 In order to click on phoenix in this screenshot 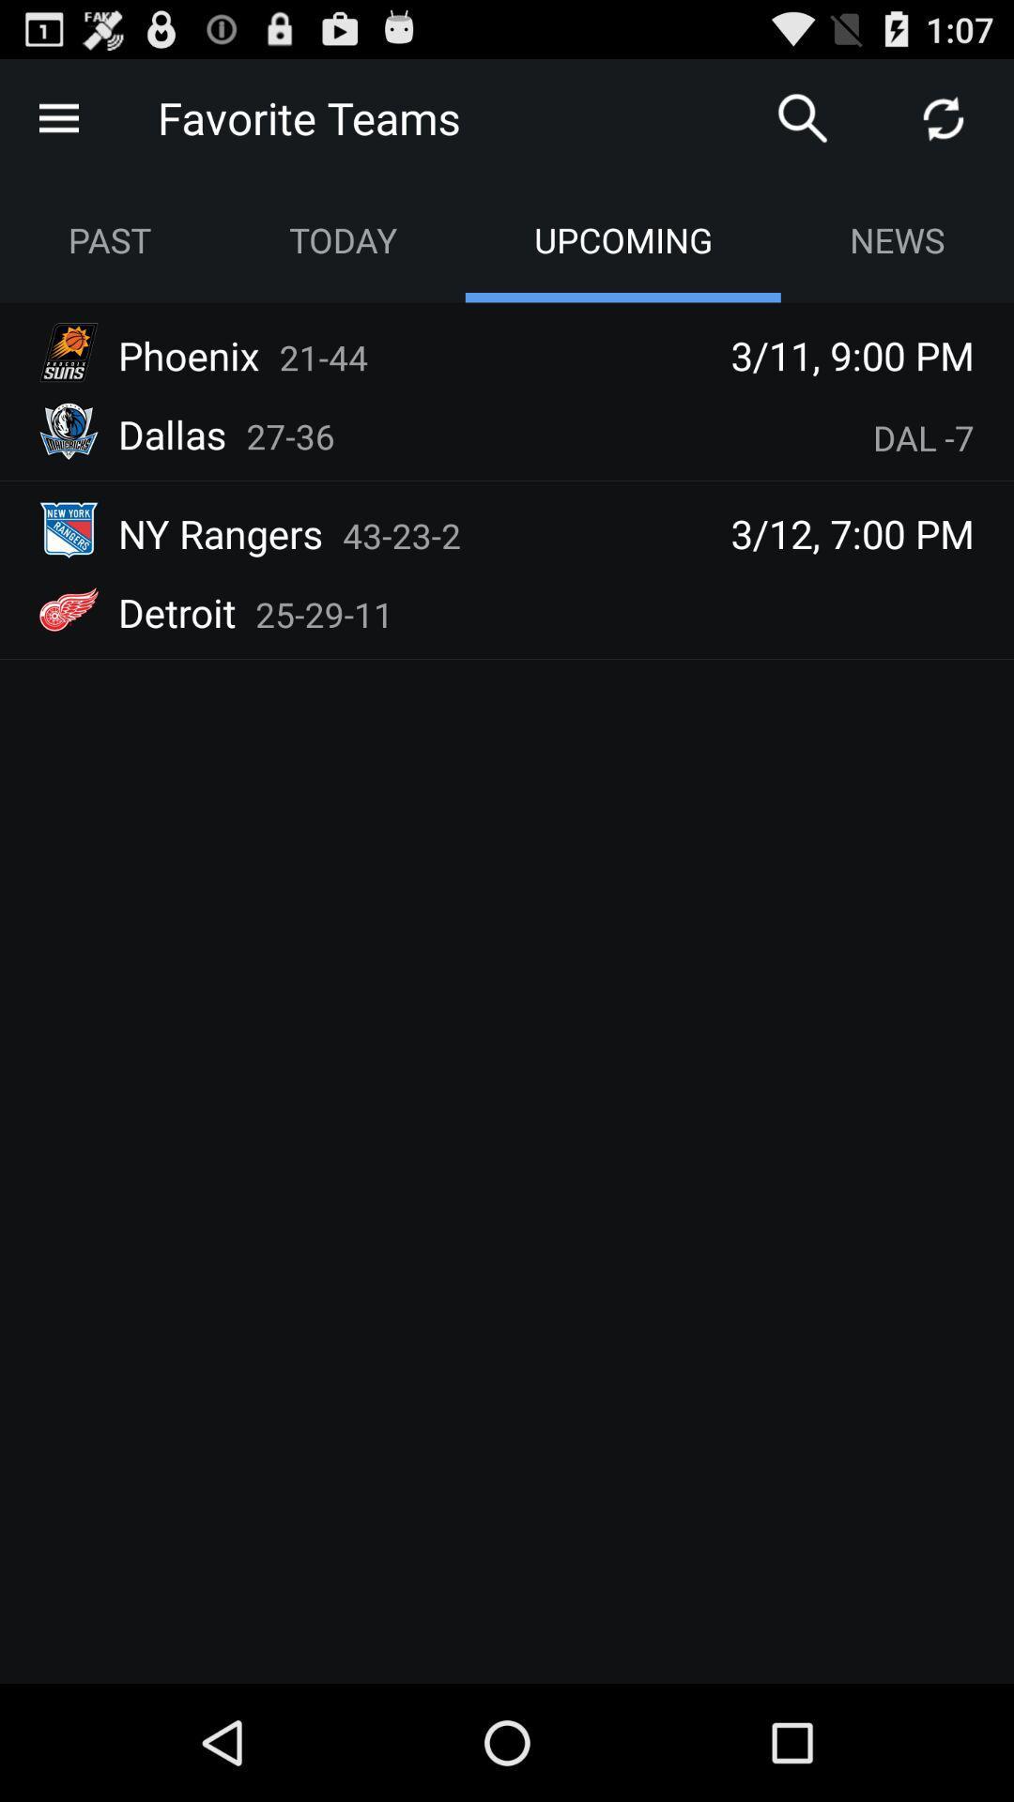, I will do `click(189, 355)`.